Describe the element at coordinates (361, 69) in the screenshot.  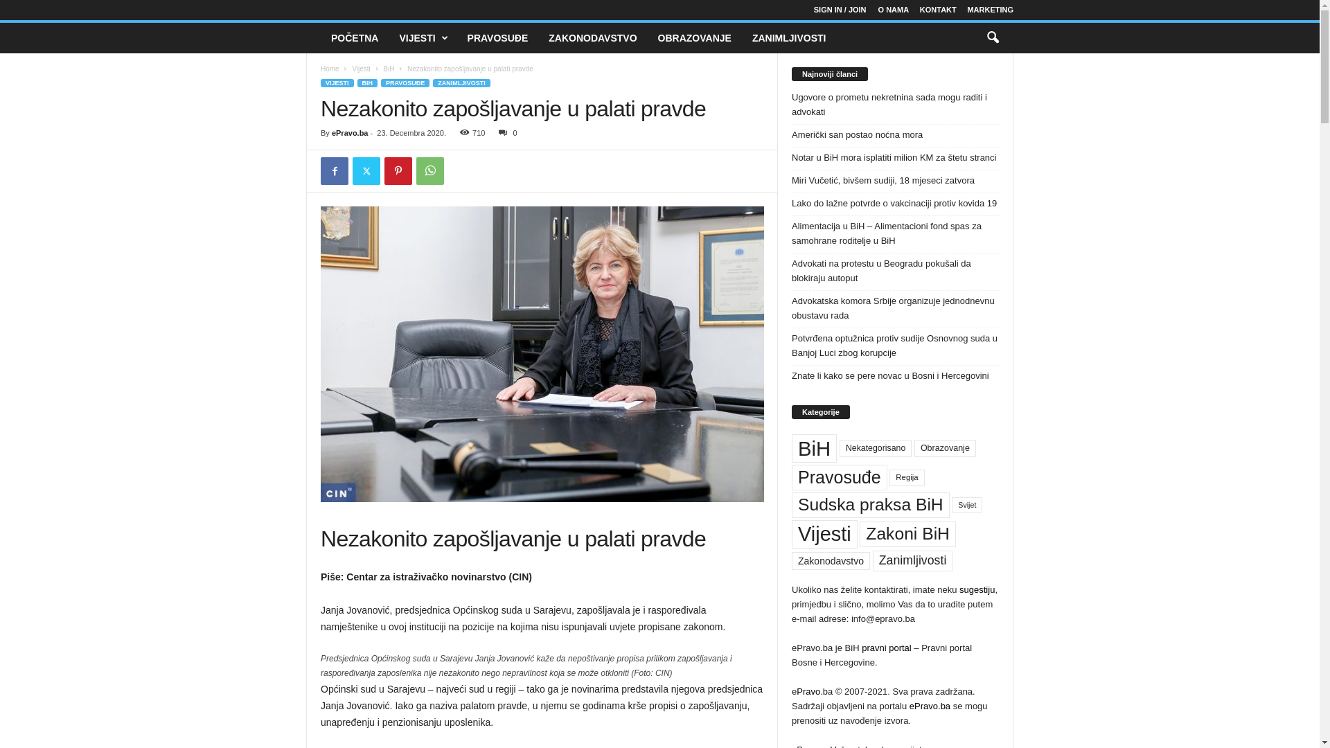
I see `'Vijesti'` at that location.